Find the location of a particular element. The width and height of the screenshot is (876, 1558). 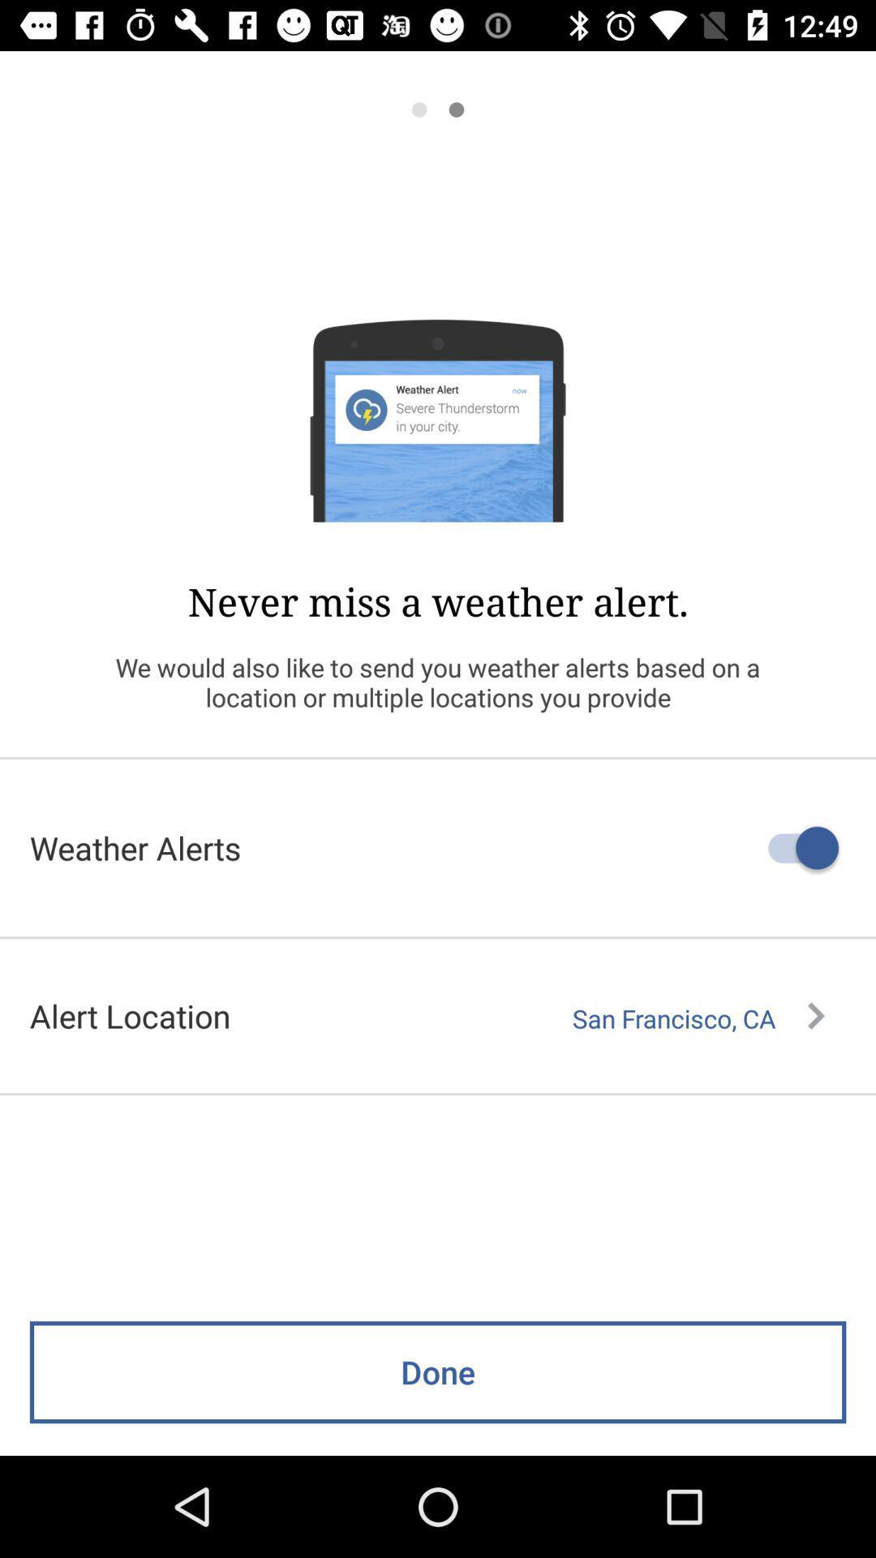

done icon is located at coordinates (438, 1371).